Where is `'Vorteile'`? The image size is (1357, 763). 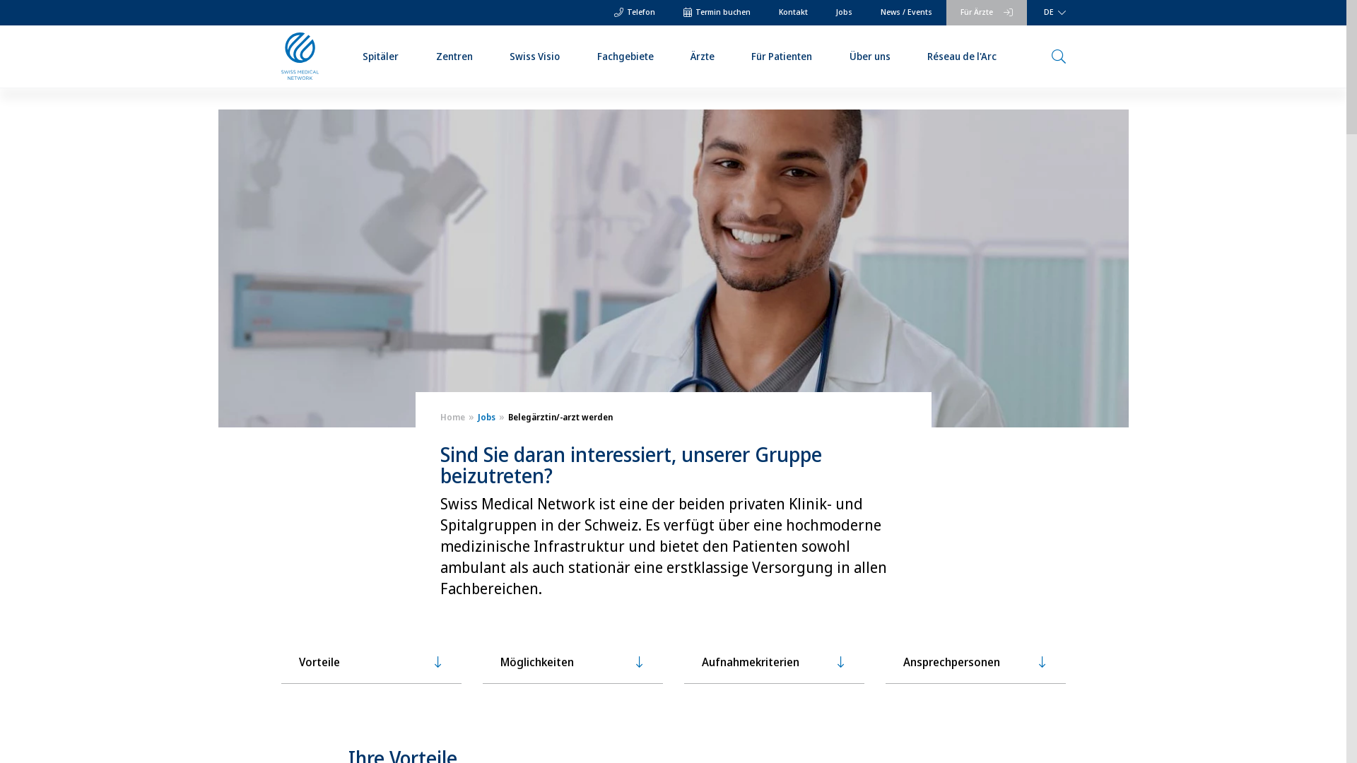 'Vorteile' is located at coordinates (371, 662).